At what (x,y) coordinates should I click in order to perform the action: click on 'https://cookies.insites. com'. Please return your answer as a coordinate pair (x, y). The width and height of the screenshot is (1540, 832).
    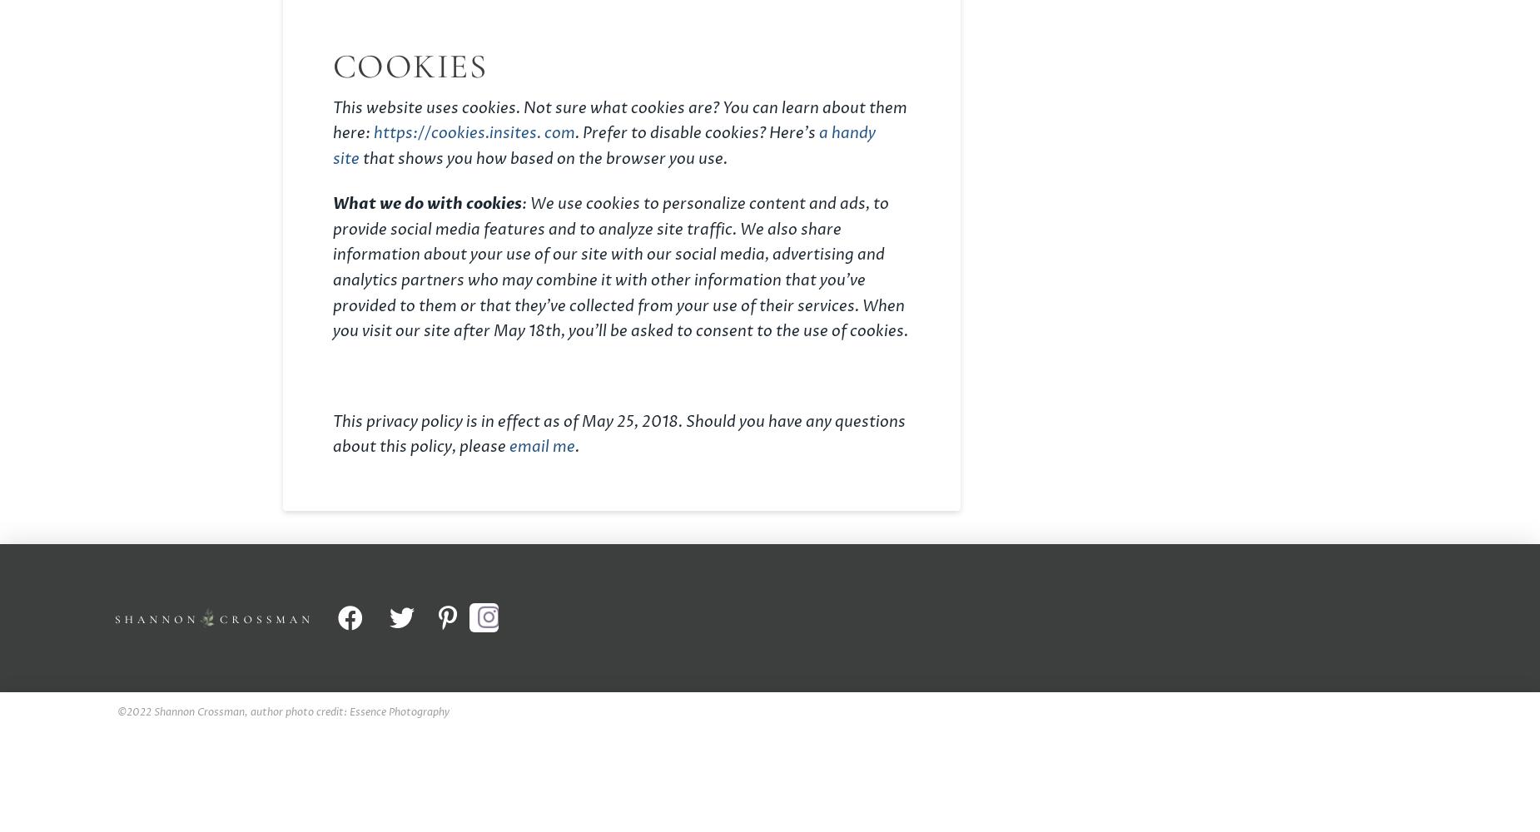
    Looking at the image, I should click on (474, 133).